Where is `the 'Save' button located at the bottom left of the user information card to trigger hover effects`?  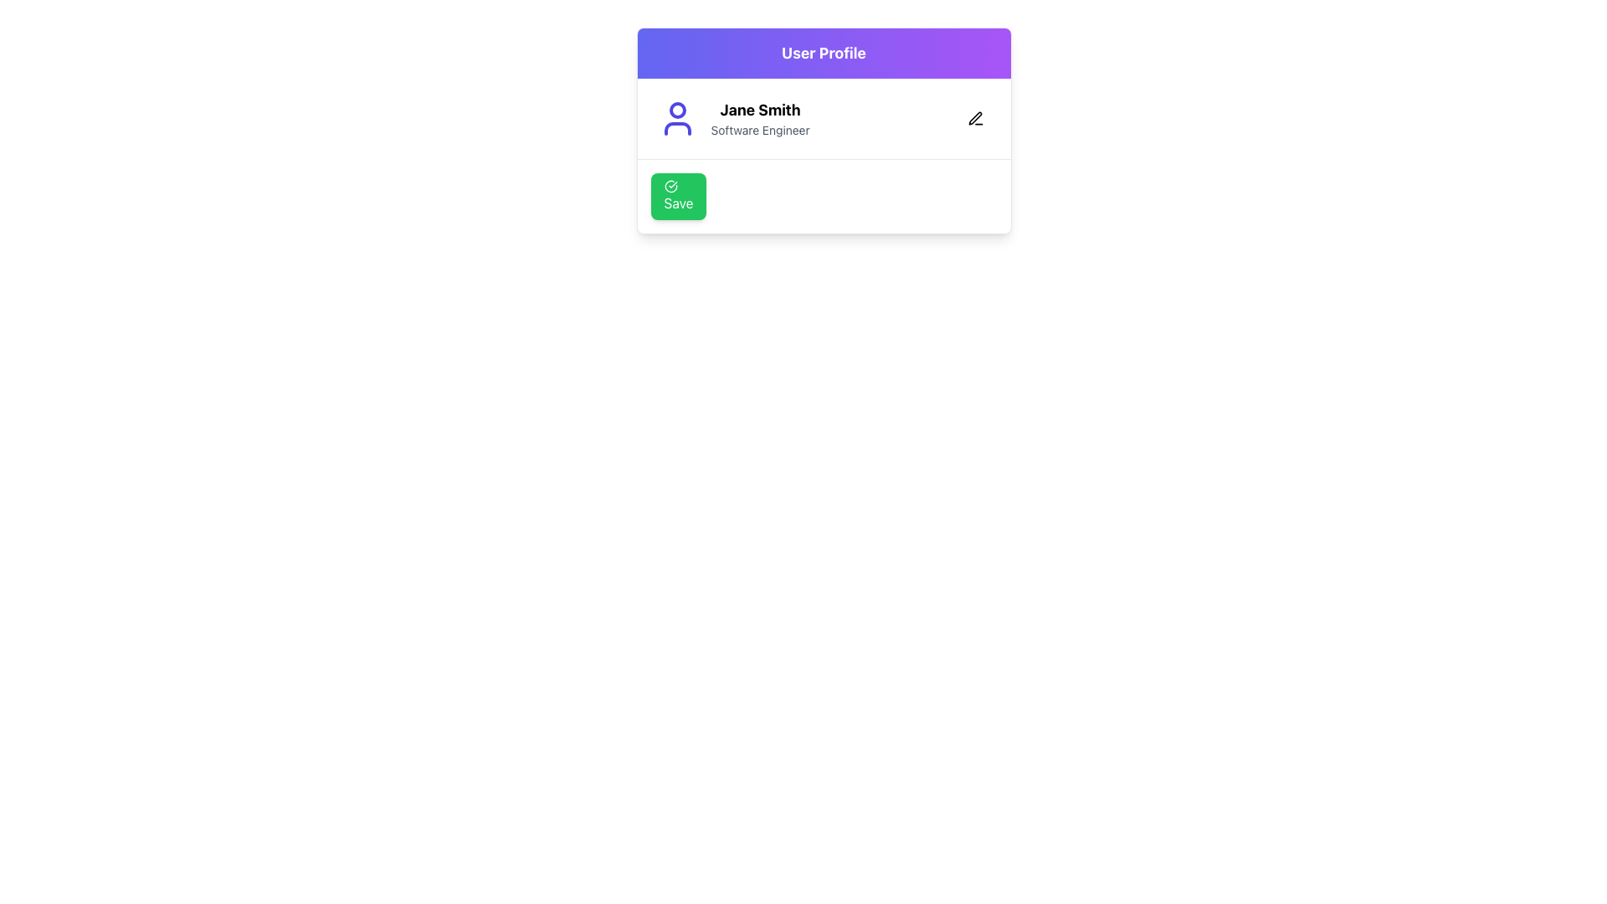 the 'Save' button located at the bottom left of the user information card to trigger hover effects is located at coordinates (679, 196).